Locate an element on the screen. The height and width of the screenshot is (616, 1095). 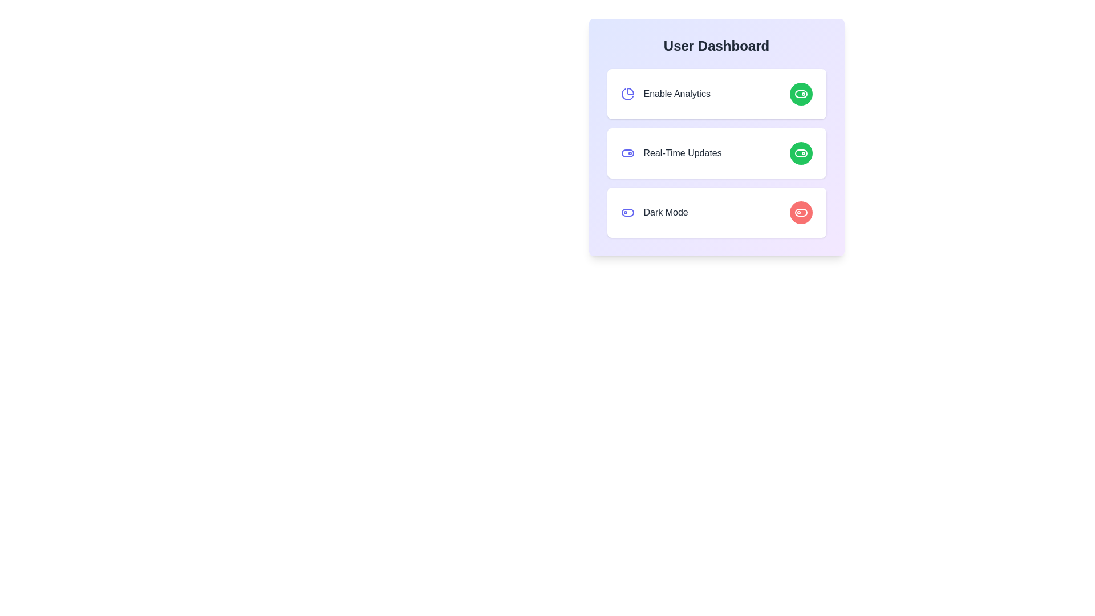
the 'Dark Mode' text label, which is positioned in the lower-most row of options within the 'User Dashboard' card, located to the right of a blue link icon and to the left of a circular red button with an eye symbol is located at coordinates (666, 213).